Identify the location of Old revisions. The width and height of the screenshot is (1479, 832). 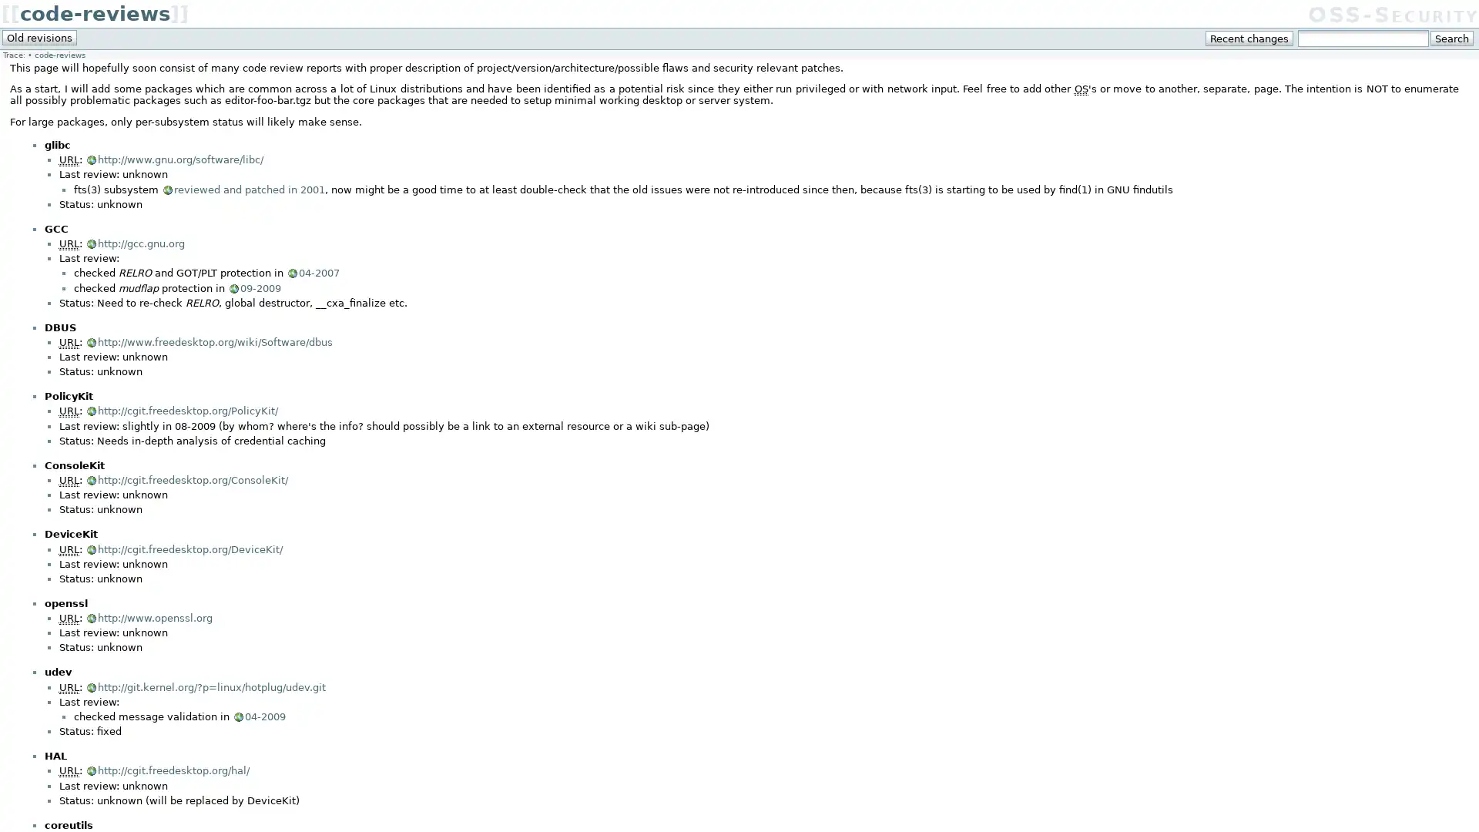
(39, 37).